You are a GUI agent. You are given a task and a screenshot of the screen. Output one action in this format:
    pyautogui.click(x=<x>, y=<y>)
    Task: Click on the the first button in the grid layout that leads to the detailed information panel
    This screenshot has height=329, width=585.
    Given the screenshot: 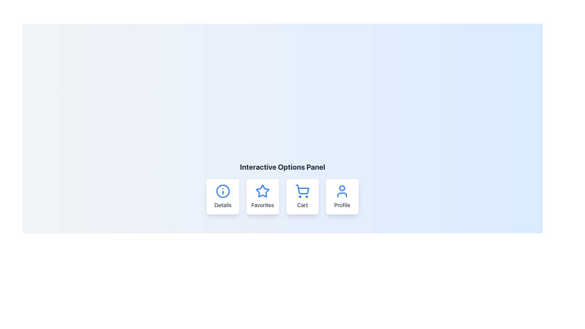 What is the action you would take?
    pyautogui.click(x=222, y=196)
    